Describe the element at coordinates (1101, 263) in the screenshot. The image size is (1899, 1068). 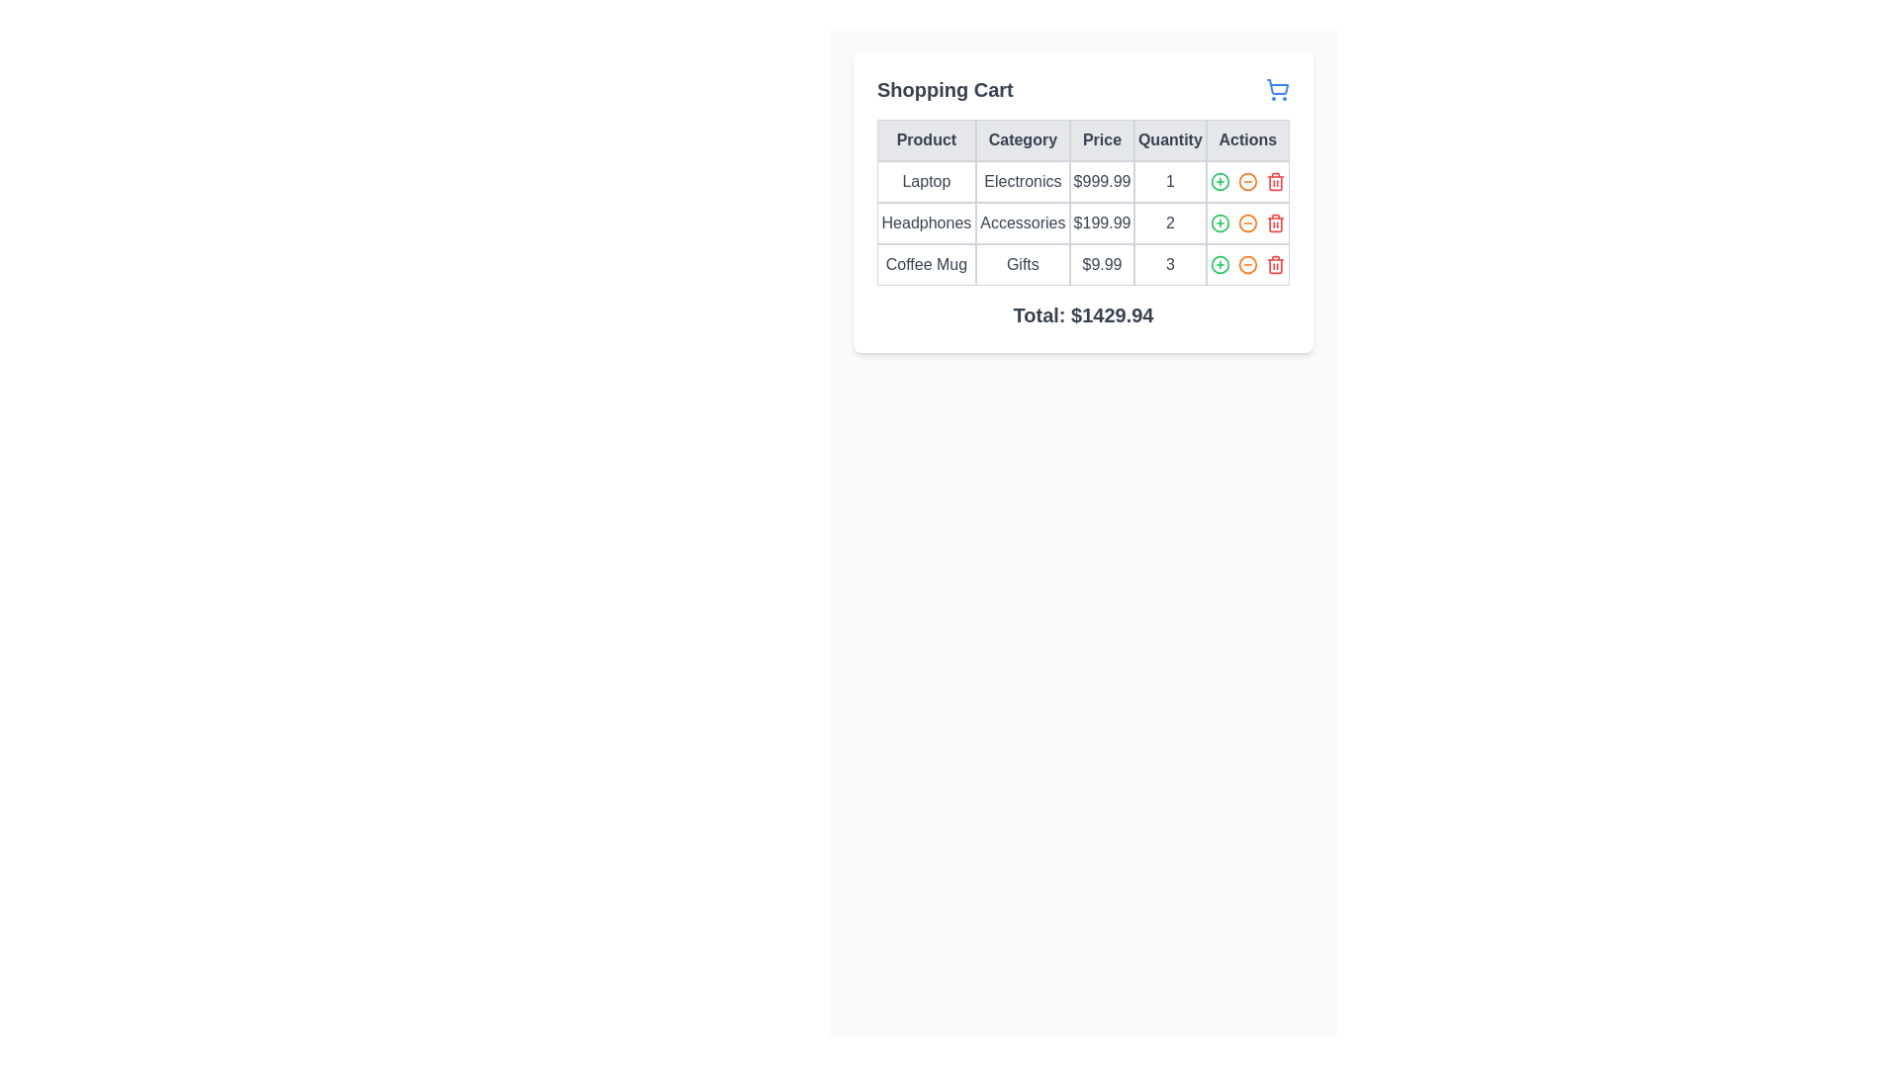
I see `the Text label displaying '$9.99' in the 'Price' column of the last row labeled 'Coffee Mug' in a table structure` at that location.